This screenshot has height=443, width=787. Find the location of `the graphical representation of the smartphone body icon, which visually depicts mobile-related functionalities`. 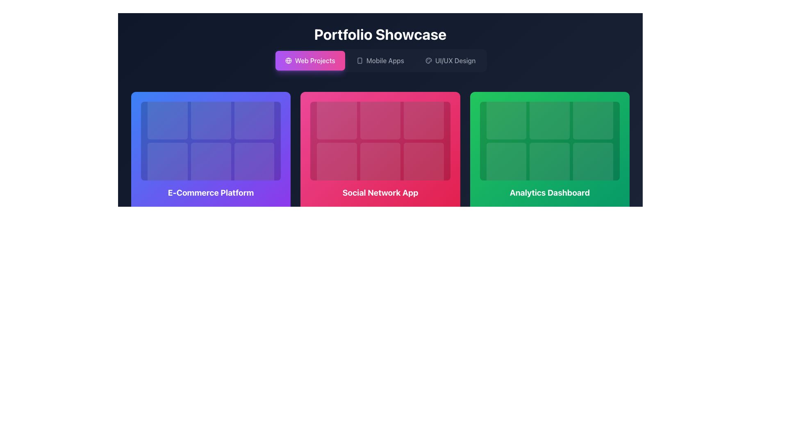

the graphical representation of the smartphone body icon, which visually depicts mobile-related functionalities is located at coordinates (359, 60).